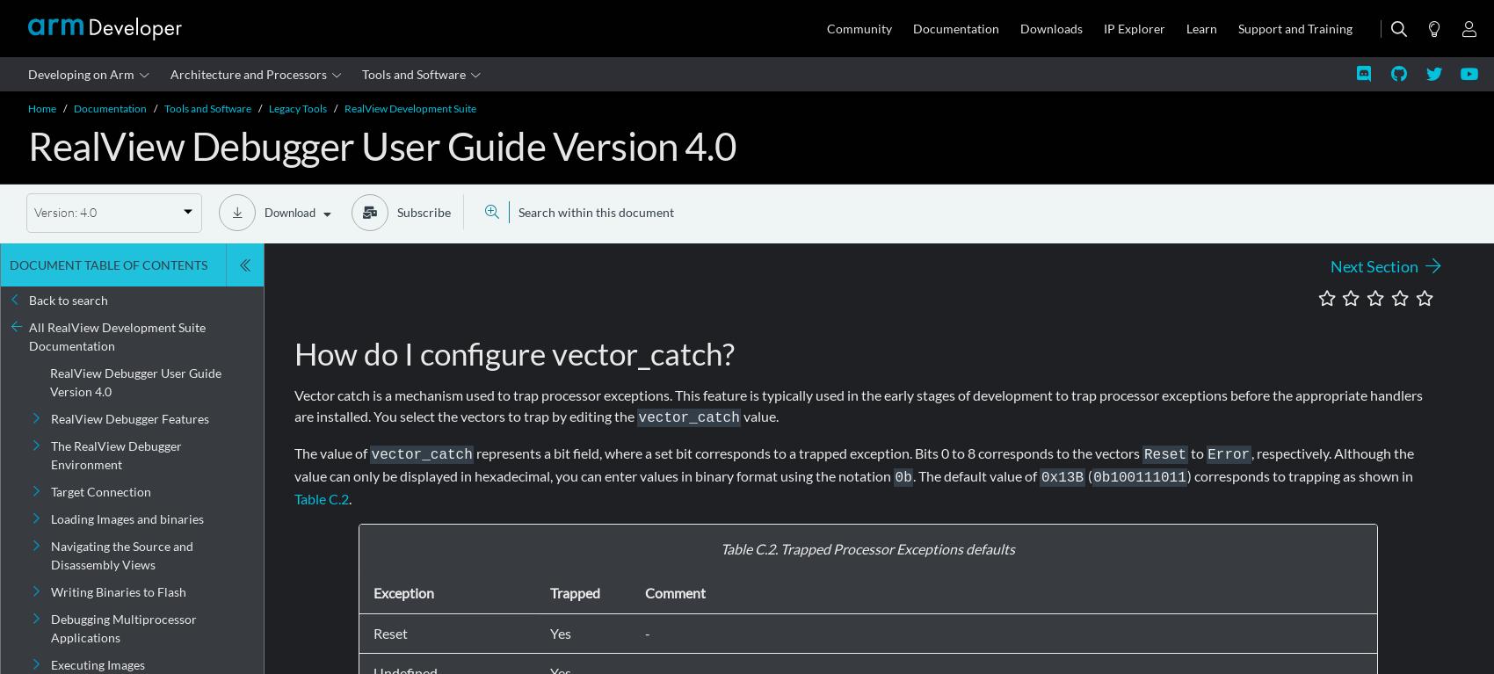 Image resolution: width=1494 pixels, height=674 pixels. Describe the element at coordinates (720, 547) in the screenshot. I see `'Table C.2. Trapped Processor Exceptions defaults'` at that location.